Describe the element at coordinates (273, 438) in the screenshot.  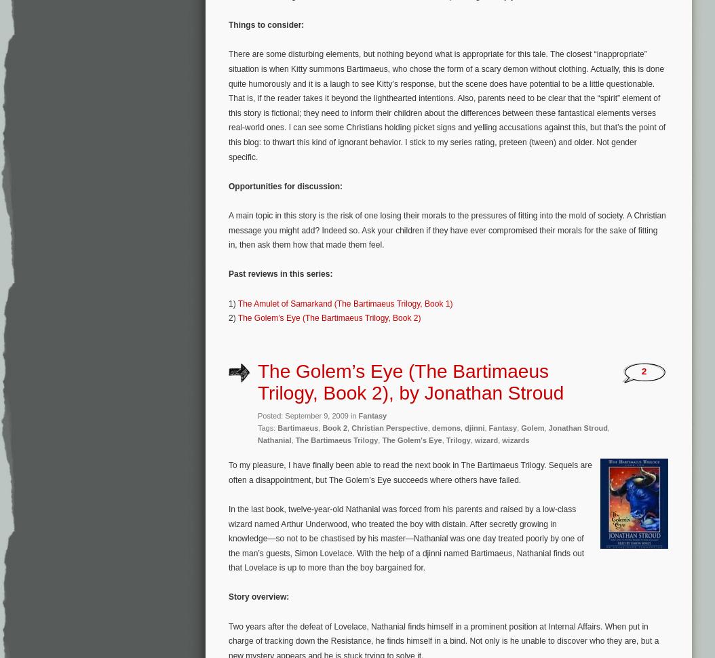
I see `'Nathanial'` at that location.